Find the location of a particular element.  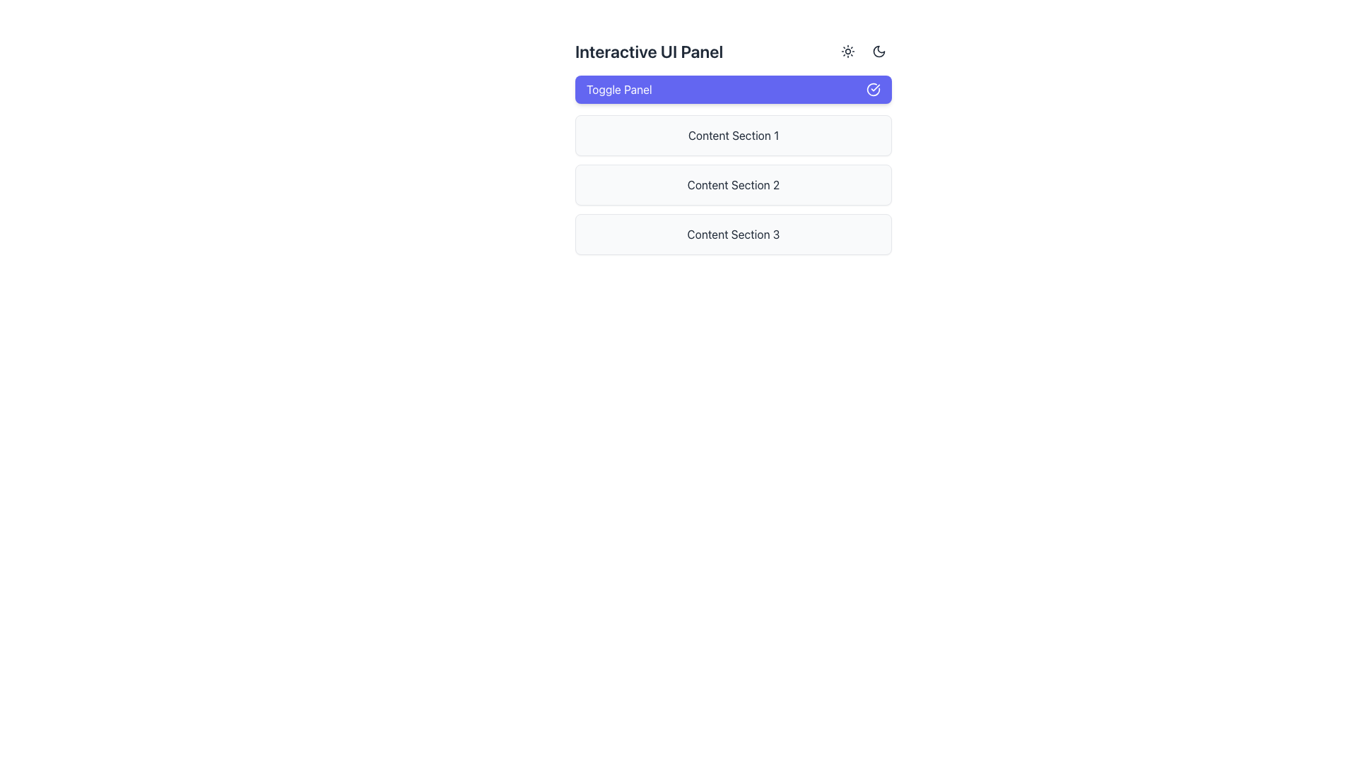

the 'Content Section 2' label which displays centered black text, located below 'Content Section 1' is located at coordinates (733, 184).